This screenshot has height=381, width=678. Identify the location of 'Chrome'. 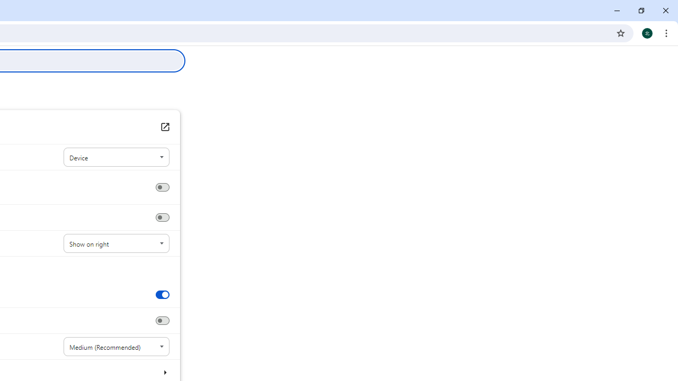
(667, 32).